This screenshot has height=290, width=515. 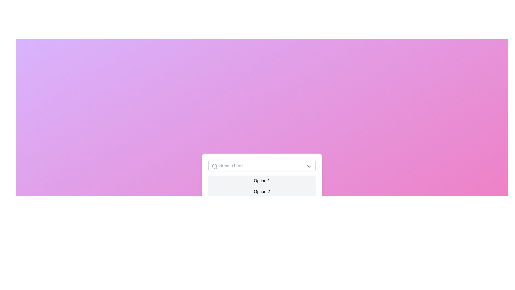 What do you see at coordinates (214, 166) in the screenshot?
I see `the SVG circle that forms the primary part of the search icon, which visually indicates the search functionality in the interface` at bounding box center [214, 166].